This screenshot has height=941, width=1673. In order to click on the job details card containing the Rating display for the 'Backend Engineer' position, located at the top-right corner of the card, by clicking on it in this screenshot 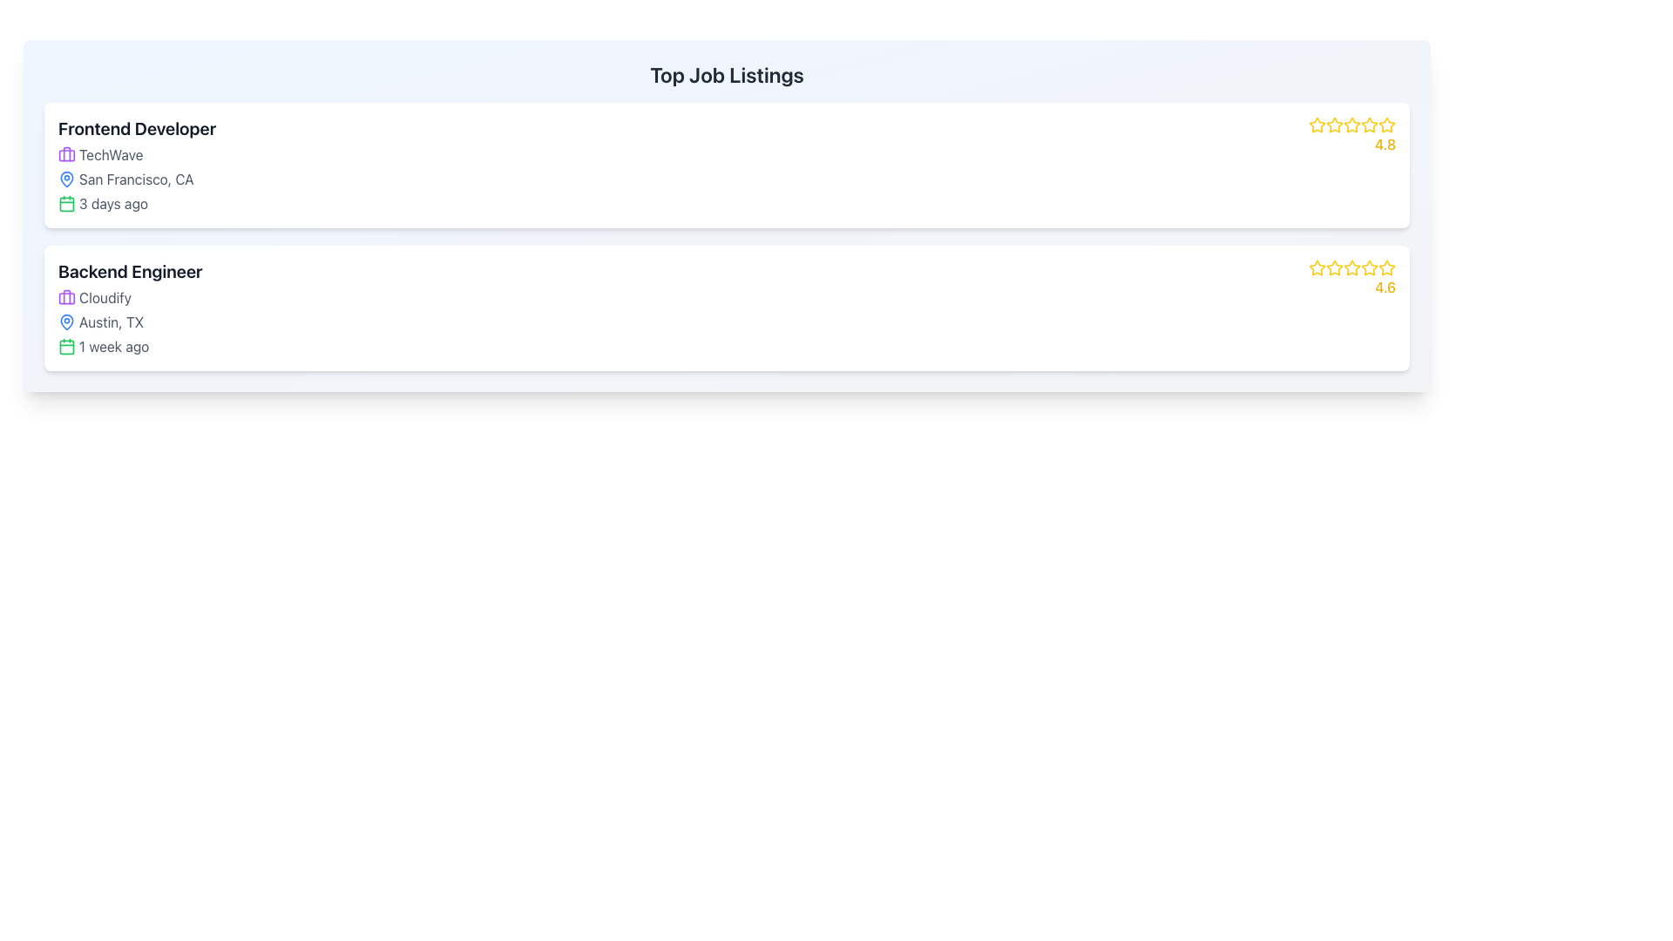, I will do `click(1351, 278)`.